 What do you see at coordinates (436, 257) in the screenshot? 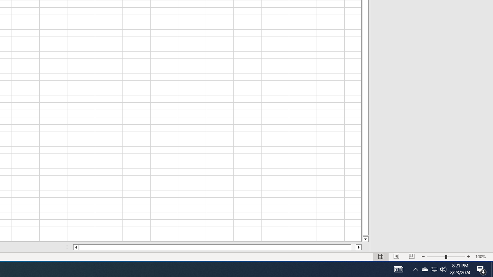
I see `'Zoom Out'` at bounding box center [436, 257].